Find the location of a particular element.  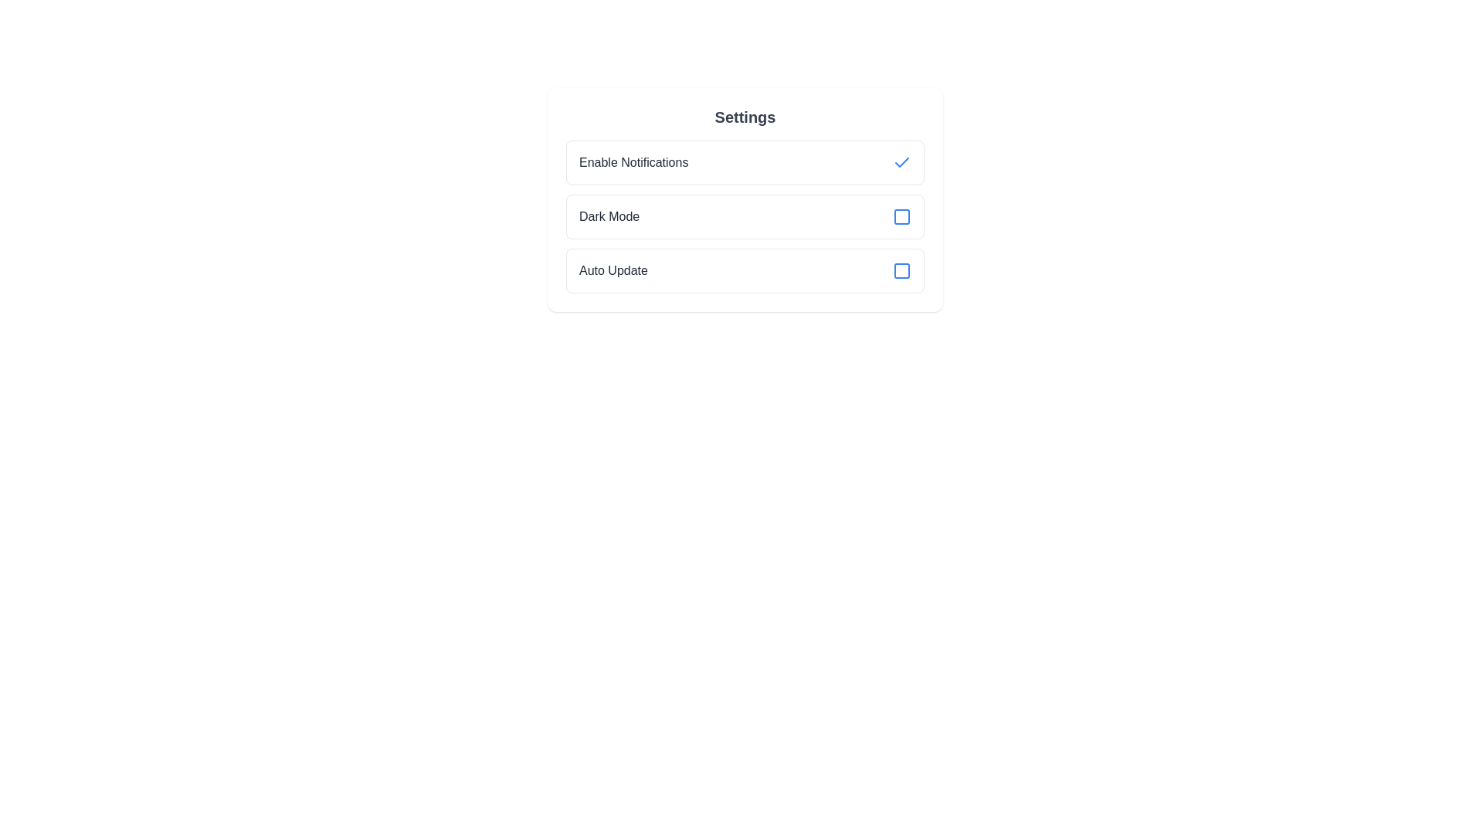

the checkbox located to the right of the 'Dark Mode' text label is located at coordinates (901, 217).